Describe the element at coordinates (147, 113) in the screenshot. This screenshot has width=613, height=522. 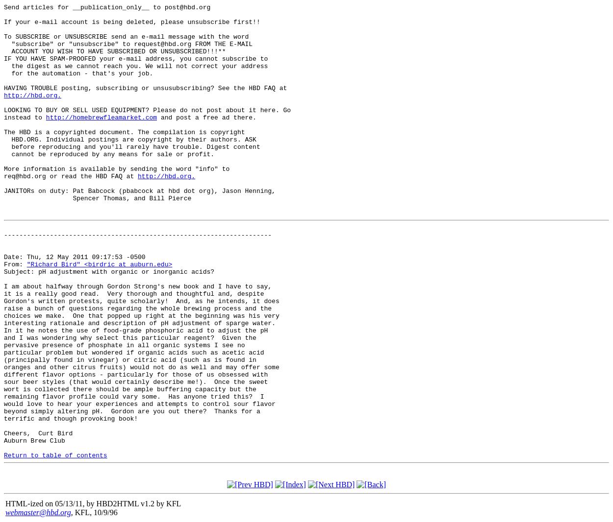
I see `'LOOKING TO BUY OR SELL USED EQUIPMENT? Please do not post about it here. Go
instead to'` at that location.